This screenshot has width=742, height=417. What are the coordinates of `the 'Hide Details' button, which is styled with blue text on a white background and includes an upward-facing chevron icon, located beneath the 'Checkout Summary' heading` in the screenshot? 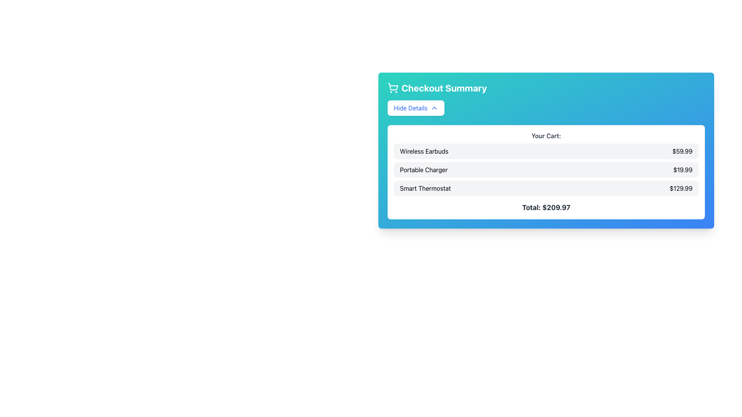 It's located at (415, 108).